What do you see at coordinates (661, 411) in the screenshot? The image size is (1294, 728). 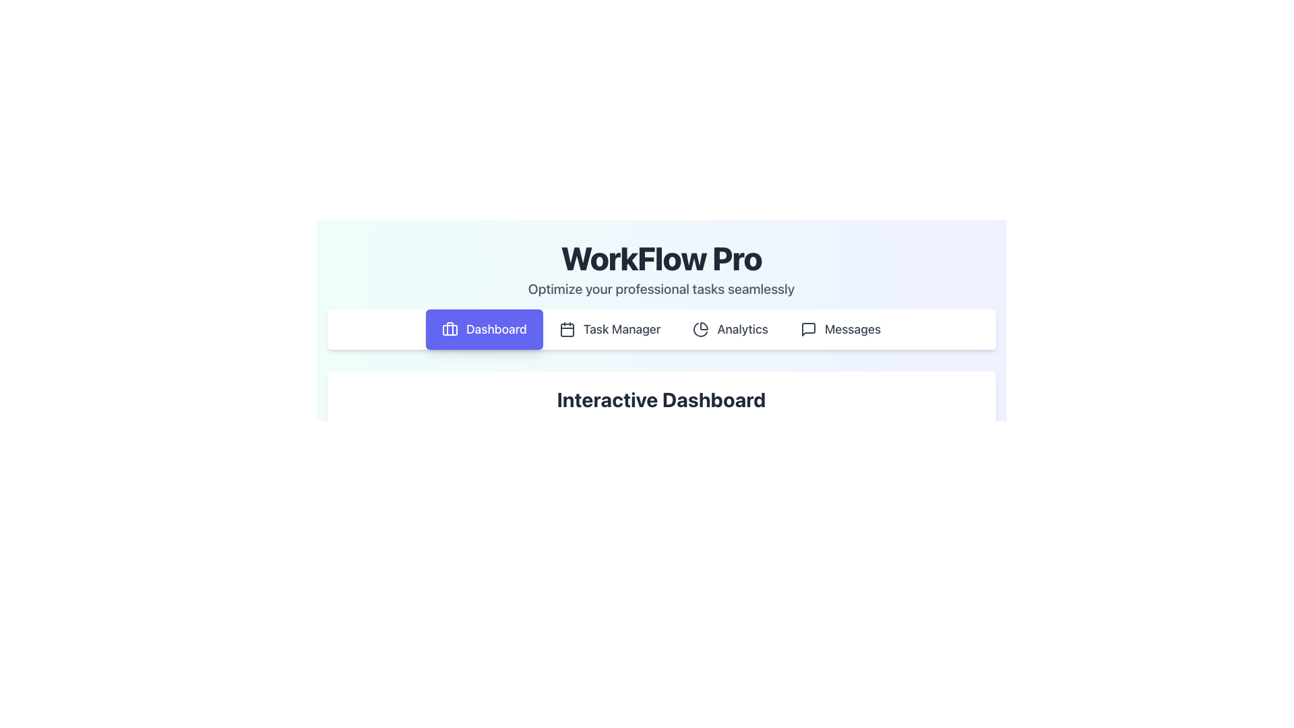 I see `the Text block that introduces the 'Interactive Dashboard' feature, located just below the navigation bar` at bounding box center [661, 411].